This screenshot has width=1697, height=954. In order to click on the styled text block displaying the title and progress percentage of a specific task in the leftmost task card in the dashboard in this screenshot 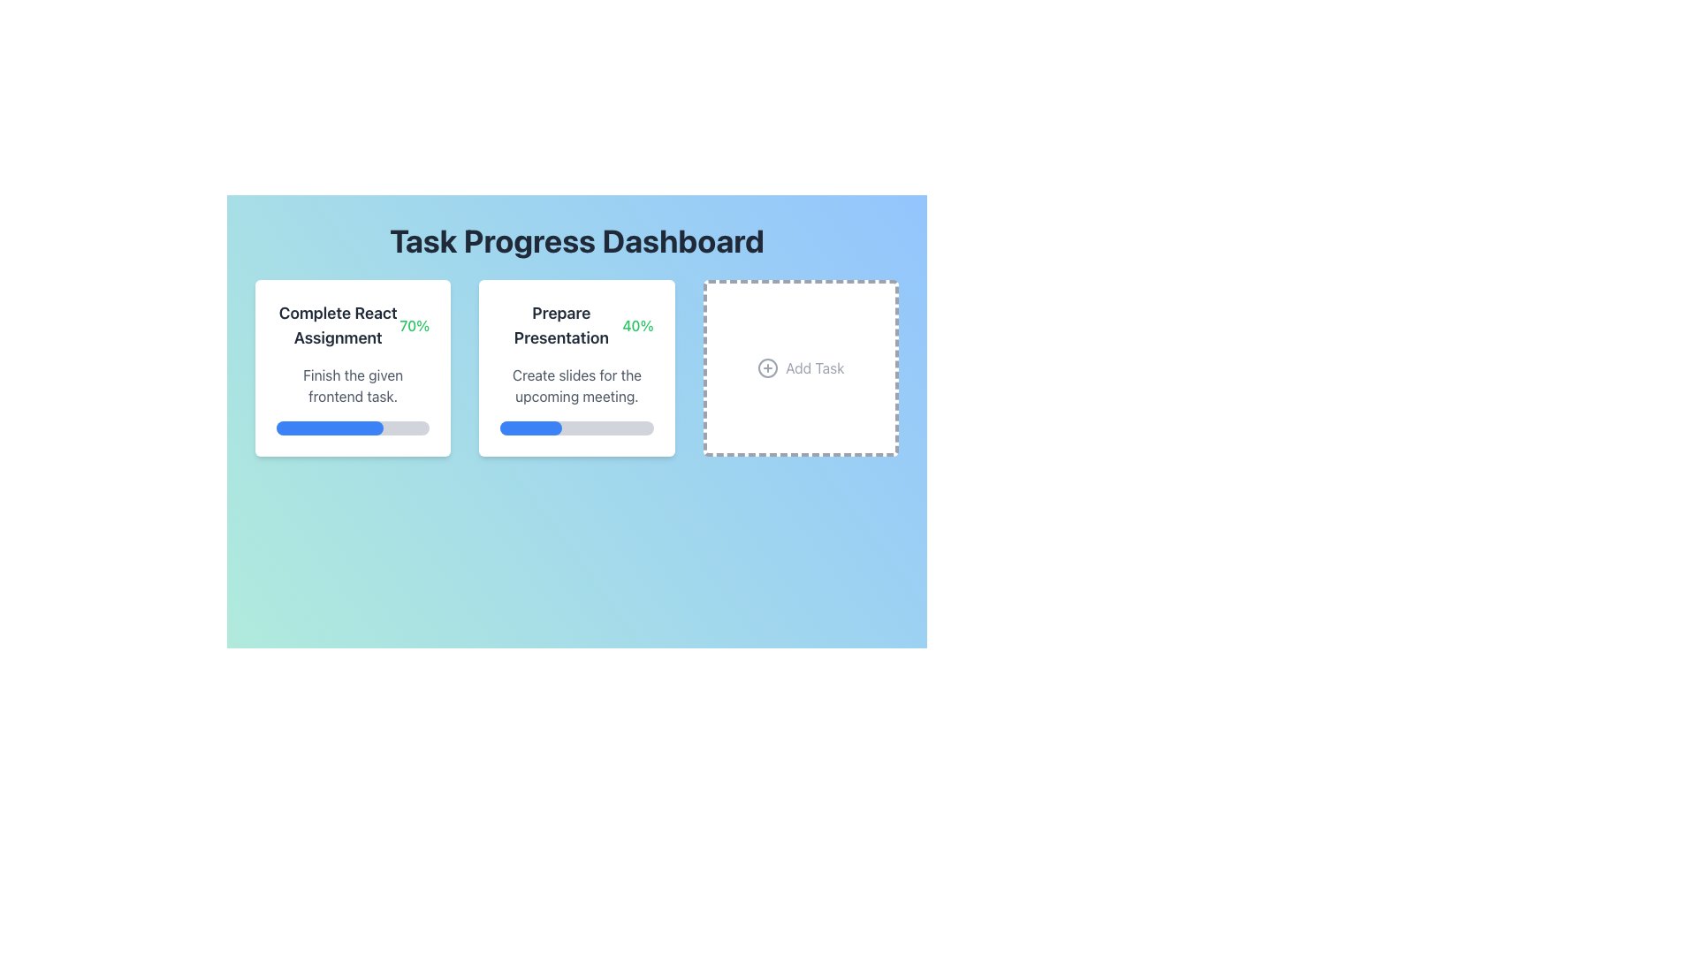, I will do `click(353, 326)`.